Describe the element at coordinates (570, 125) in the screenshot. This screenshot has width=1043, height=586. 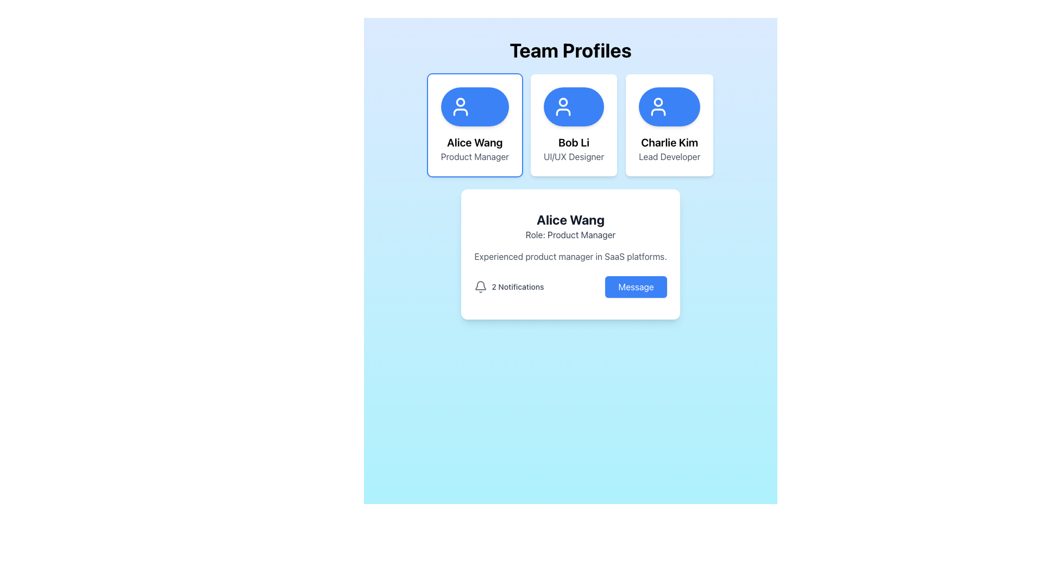
I see `the Profile Card of 'Bob Li', which features a blue circular icon with a white user symbol and the text 'Bob Li' in bold followed by 'UI/UX Designer' below` at that location.